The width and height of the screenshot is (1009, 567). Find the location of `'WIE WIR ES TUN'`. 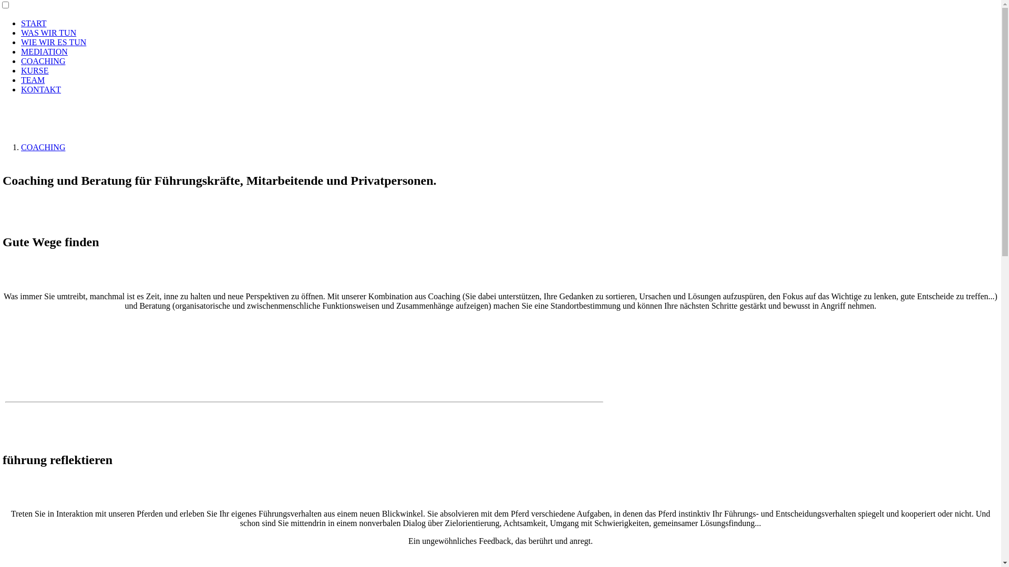

'WIE WIR ES TUN' is located at coordinates (53, 41).